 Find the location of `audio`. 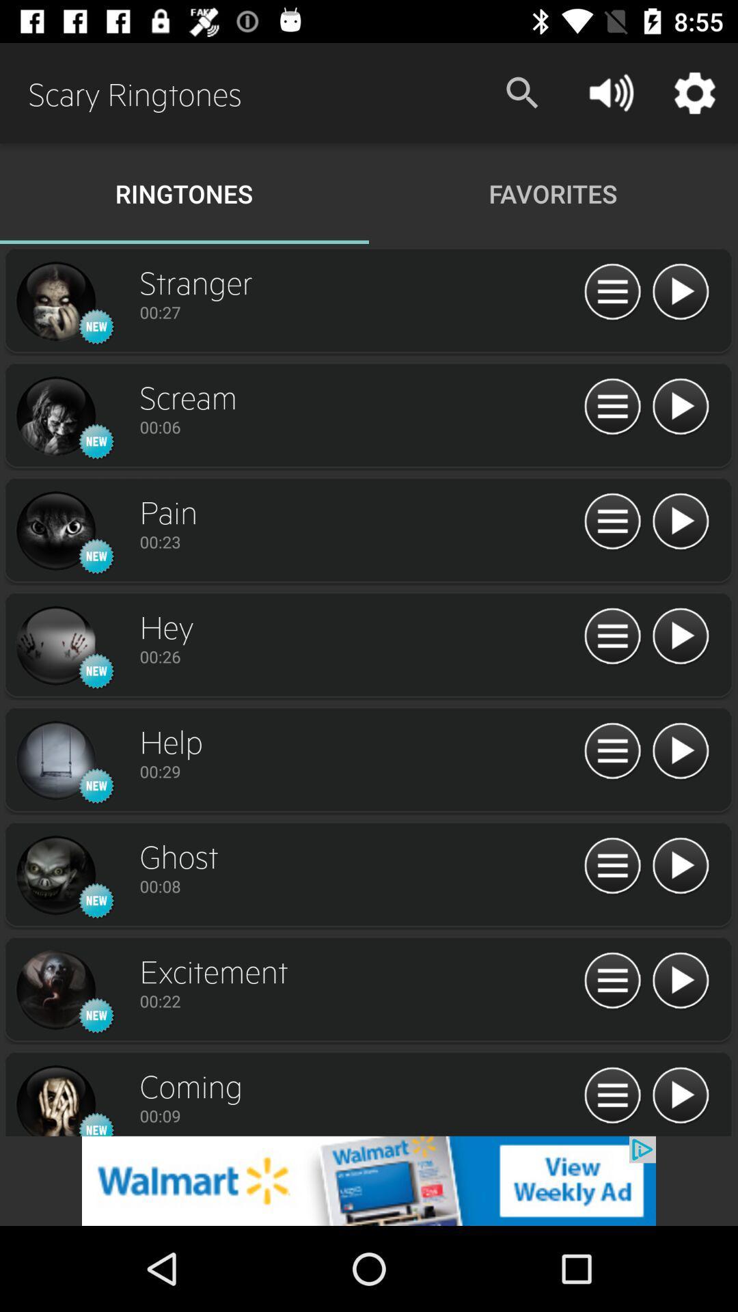

audio is located at coordinates (680, 751).